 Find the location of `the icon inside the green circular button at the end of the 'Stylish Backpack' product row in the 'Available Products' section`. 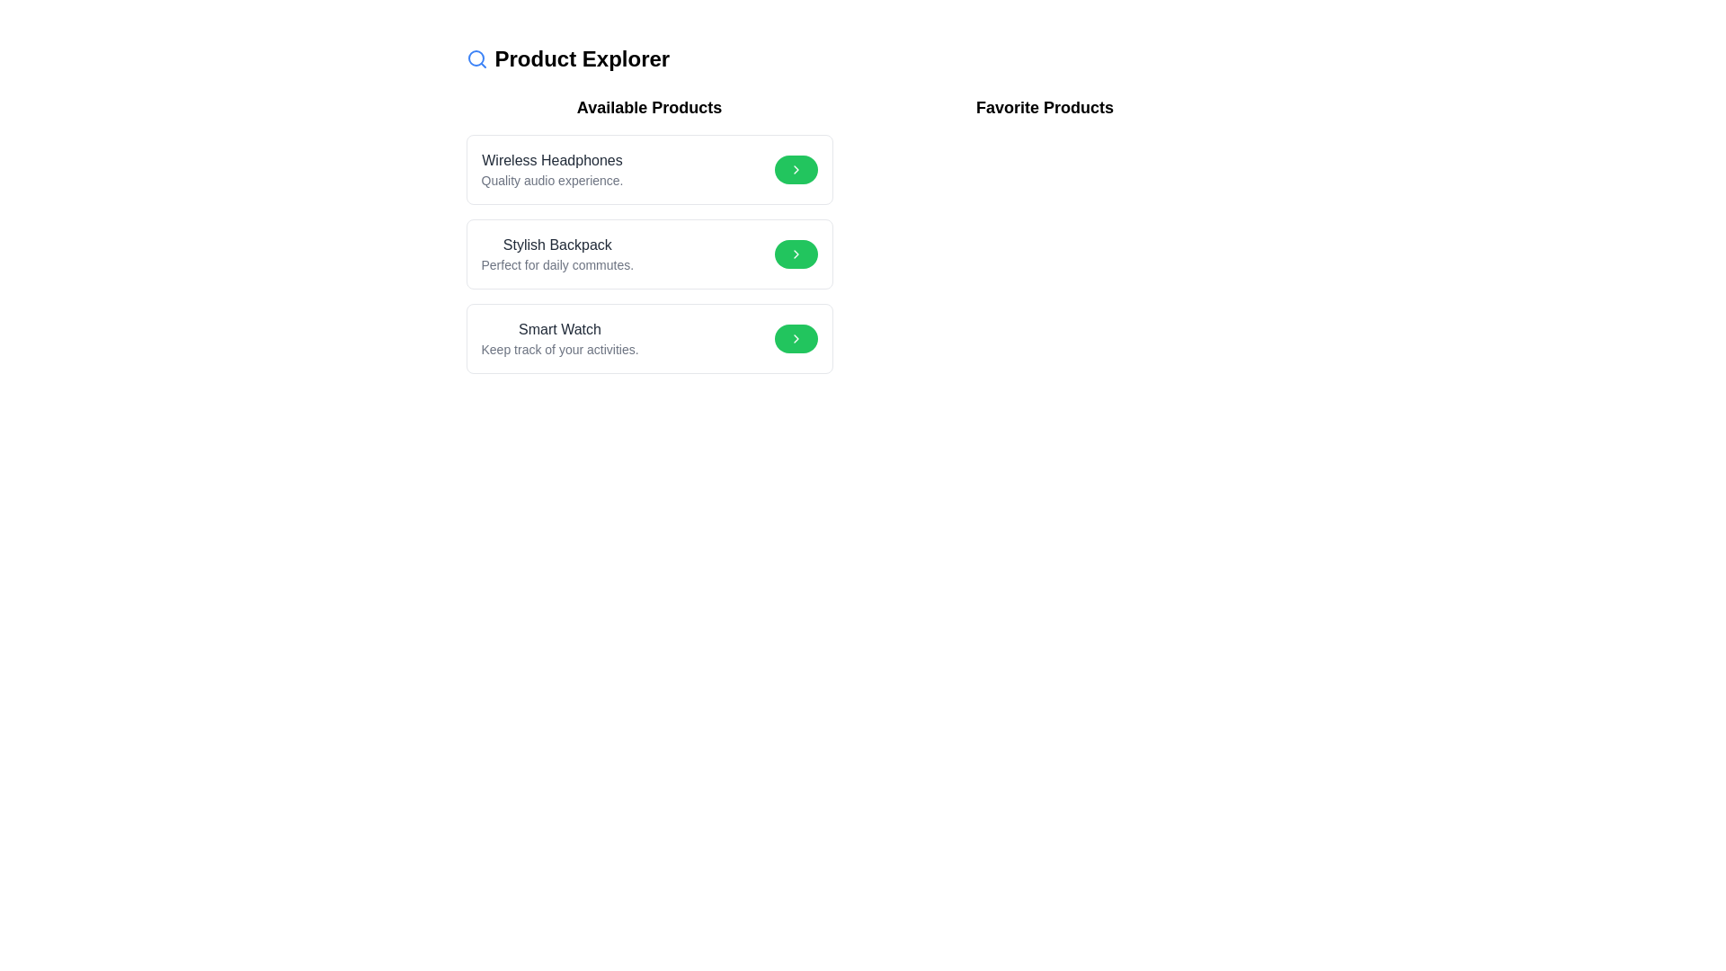

the icon inside the green circular button at the end of the 'Stylish Backpack' product row in the 'Available Products' section is located at coordinates (795, 254).